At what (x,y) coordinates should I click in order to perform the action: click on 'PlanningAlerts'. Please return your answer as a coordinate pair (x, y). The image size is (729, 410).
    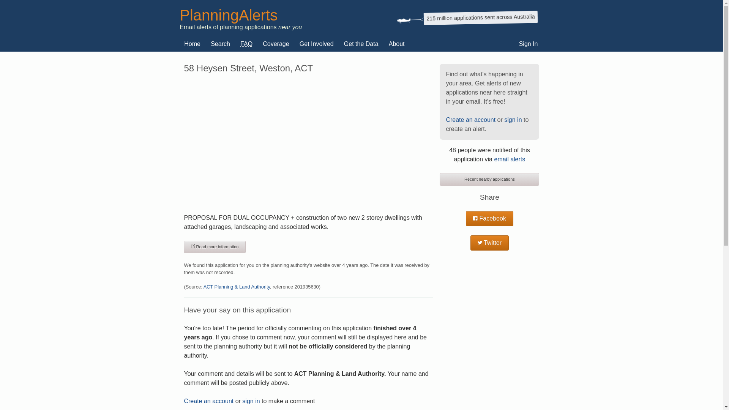
    Looking at the image, I should click on (228, 15).